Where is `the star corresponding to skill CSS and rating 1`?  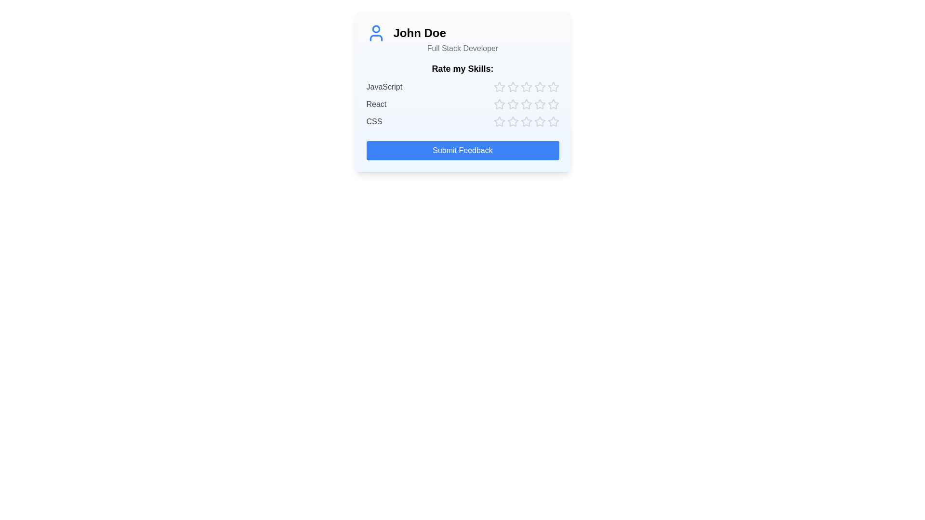 the star corresponding to skill CSS and rating 1 is located at coordinates (499, 121).